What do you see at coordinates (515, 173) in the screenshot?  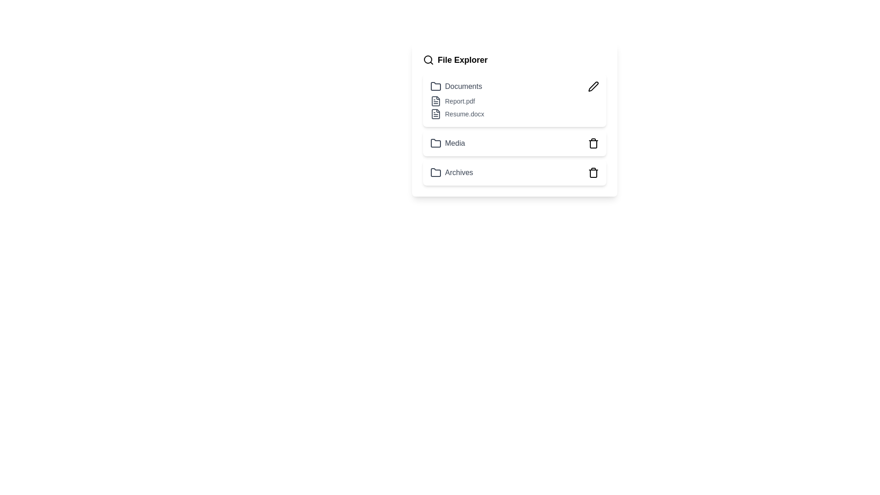 I see `the 'Archives' folder item in the interactive horizontal list` at bounding box center [515, 173].